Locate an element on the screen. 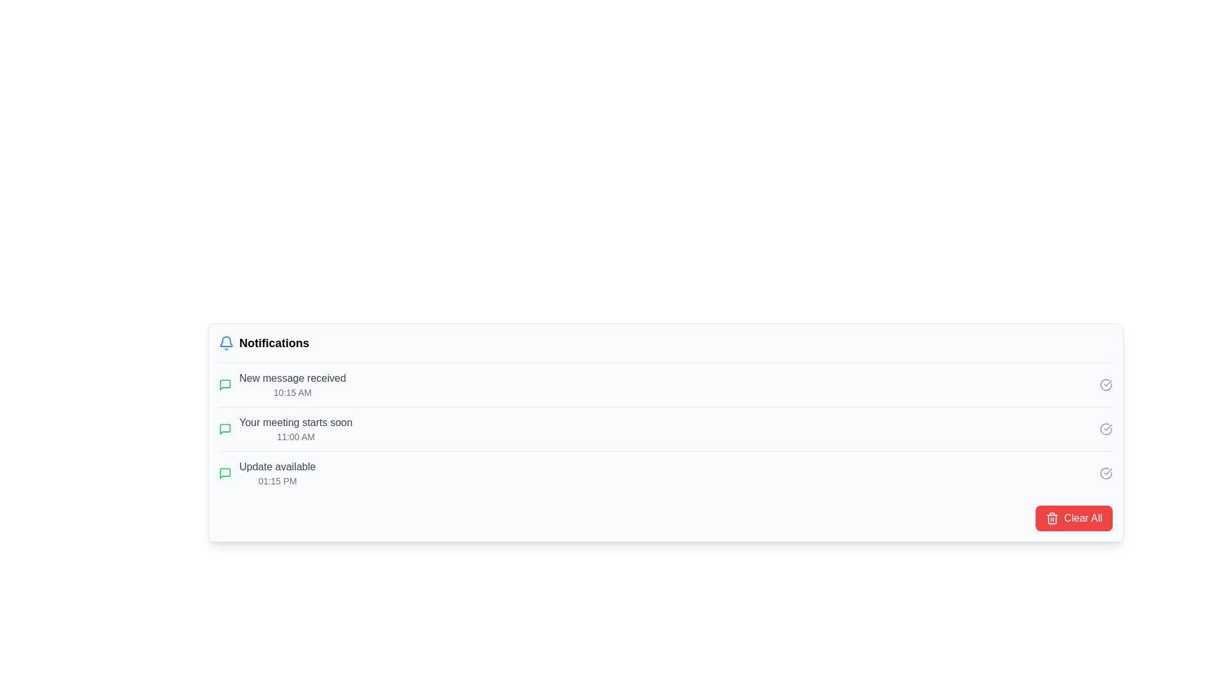 This screenshot has width=1232, height=693. the Text Label located at the top-left corner of the first notification entry, directly above the timestamp '10:15 AM' is located at coordinates (292, 378).